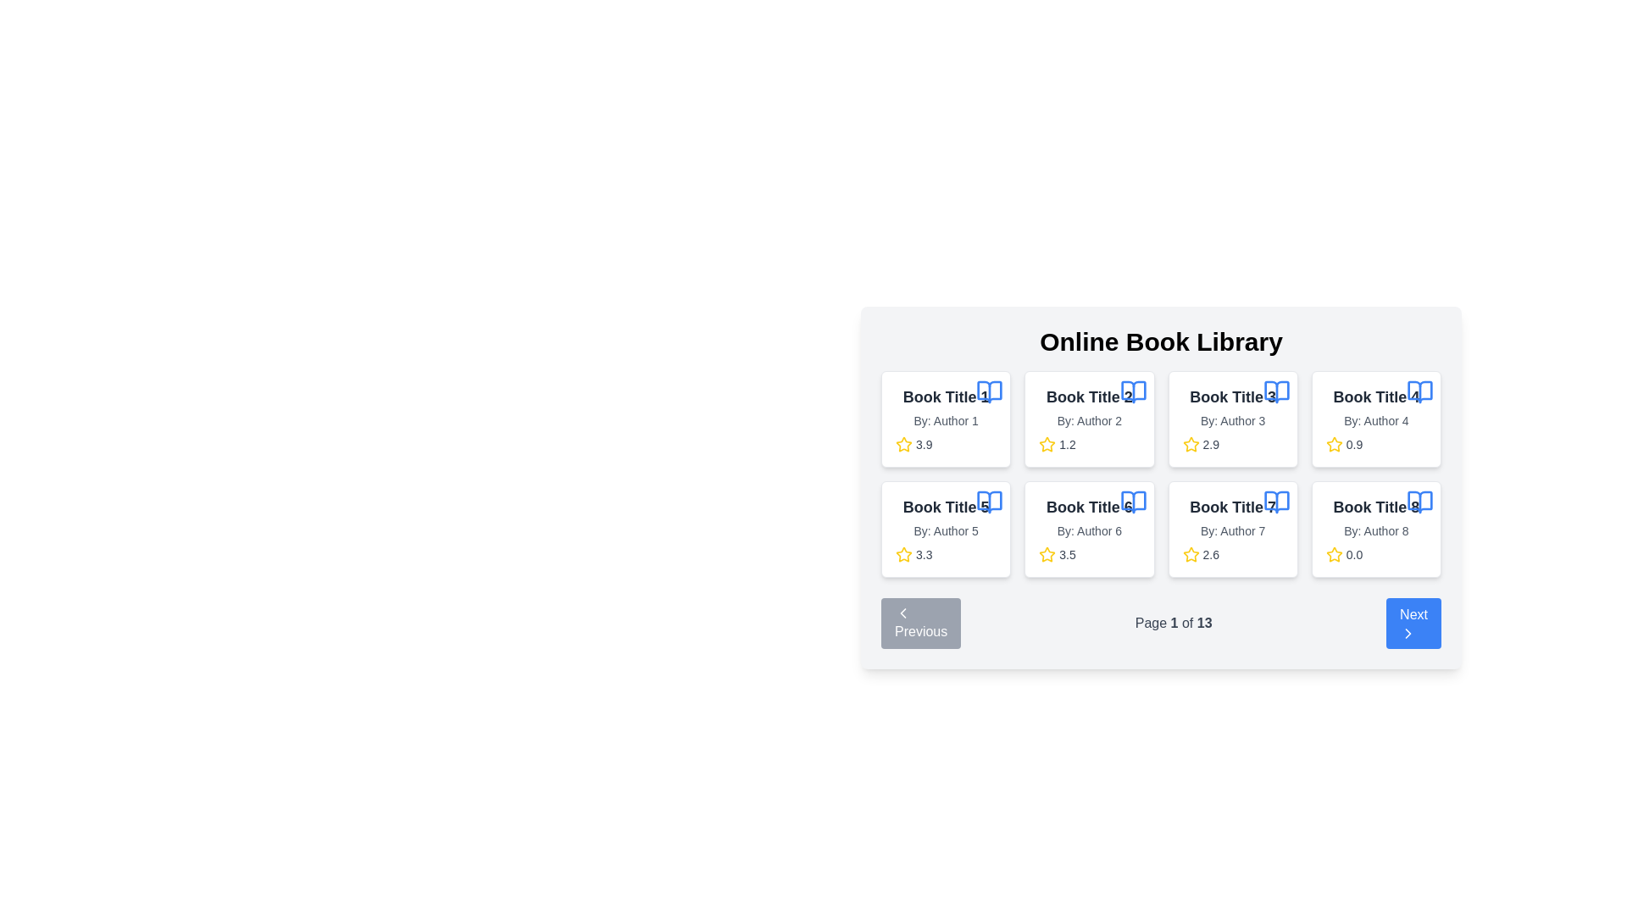  Describe the element at coordinates (945, 506) in the screenshot. I see `the text label that serves as the title for the book card, located in the second row and first column of the grid` at that location.